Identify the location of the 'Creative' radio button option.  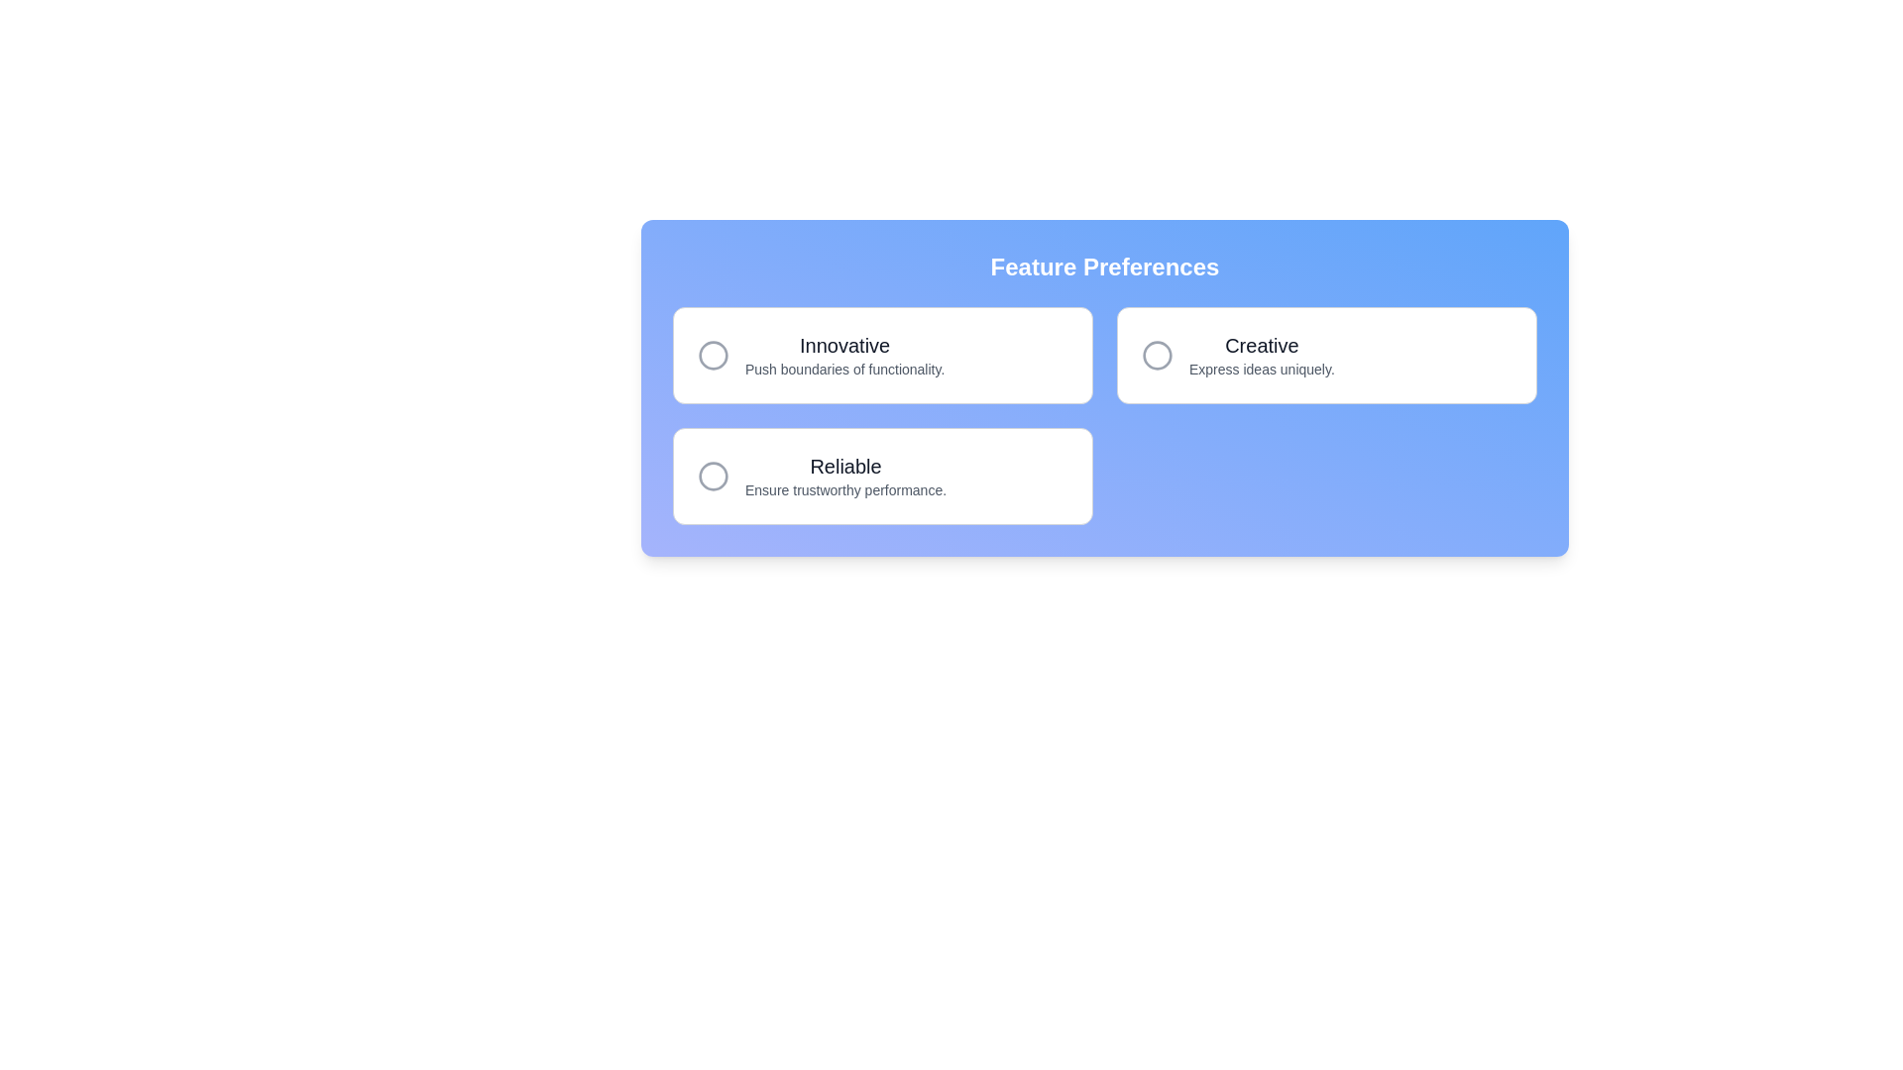
(1327, 354).